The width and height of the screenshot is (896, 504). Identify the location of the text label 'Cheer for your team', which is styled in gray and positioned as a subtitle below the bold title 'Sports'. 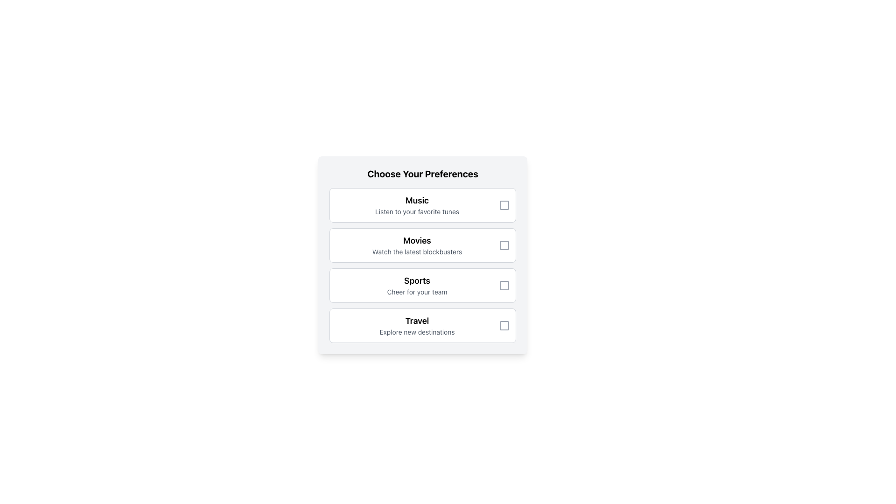
(416, 291).